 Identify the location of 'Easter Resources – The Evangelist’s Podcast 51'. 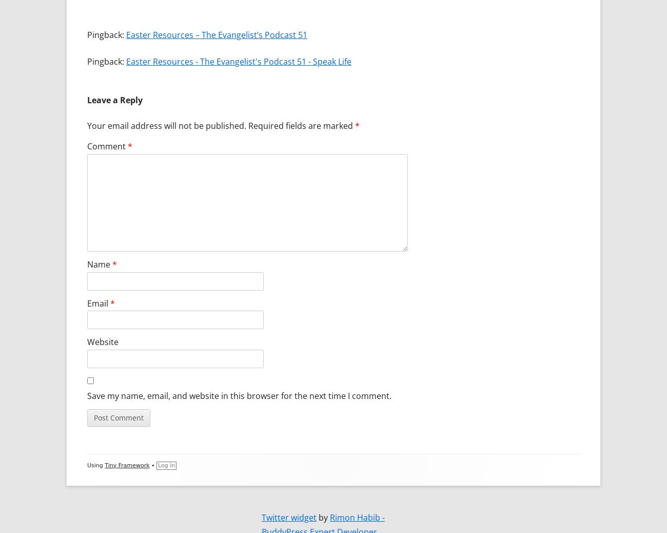
(217, 33).